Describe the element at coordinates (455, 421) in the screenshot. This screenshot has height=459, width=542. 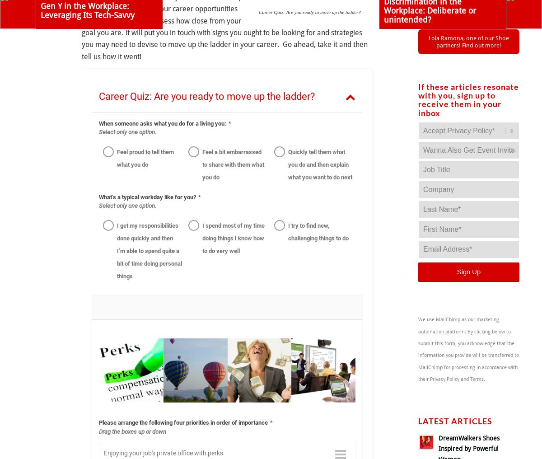
I see `'LATEST ARTICLES'` at that location.